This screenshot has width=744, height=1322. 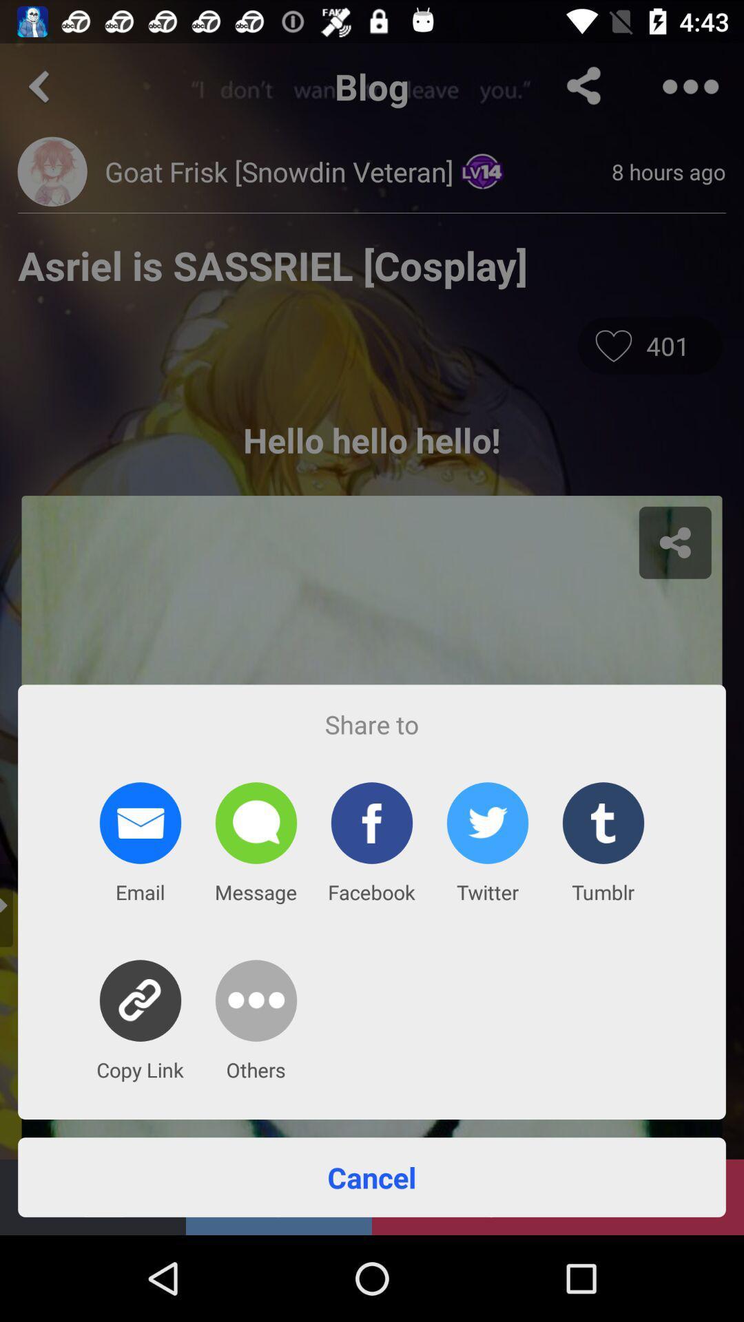 I want to click on the icon at the top, so click(x=372, y=333).